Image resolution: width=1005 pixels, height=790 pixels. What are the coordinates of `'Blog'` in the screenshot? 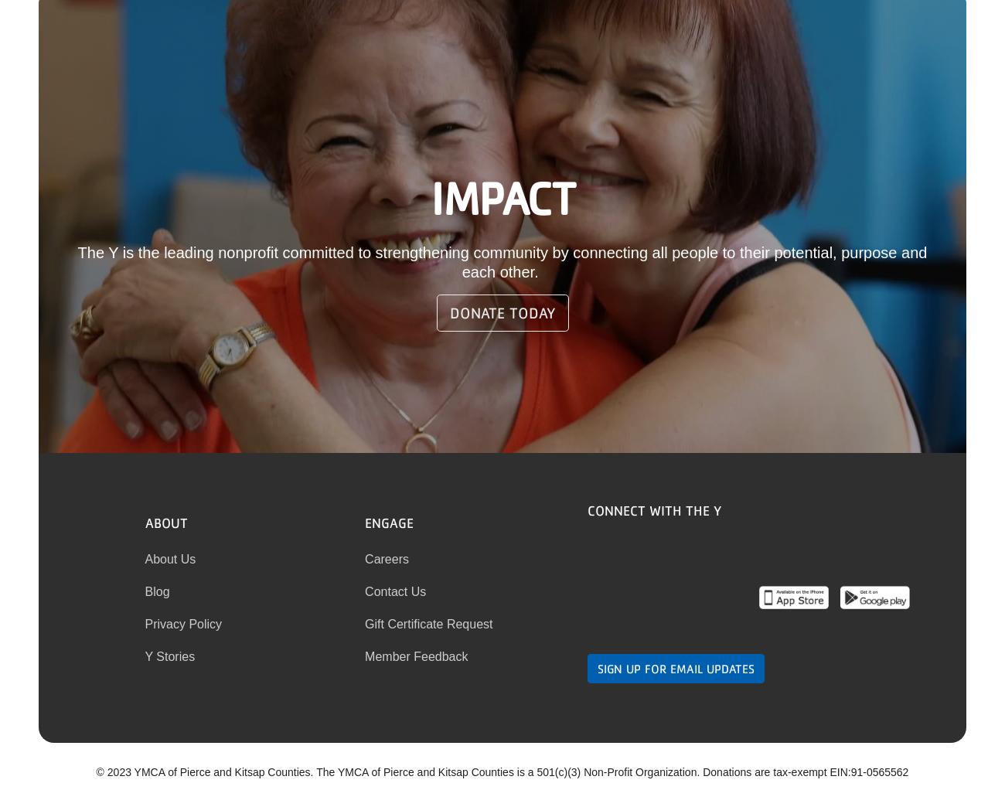 It's located at (157, 590).